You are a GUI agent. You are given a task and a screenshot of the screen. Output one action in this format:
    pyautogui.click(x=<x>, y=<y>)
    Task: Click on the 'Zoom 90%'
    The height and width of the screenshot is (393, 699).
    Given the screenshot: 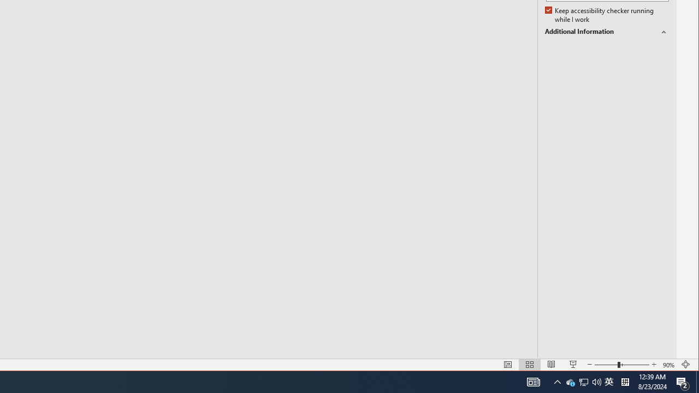 What is the action you would take?
    pyautogui.click(x=668, y=365)
    